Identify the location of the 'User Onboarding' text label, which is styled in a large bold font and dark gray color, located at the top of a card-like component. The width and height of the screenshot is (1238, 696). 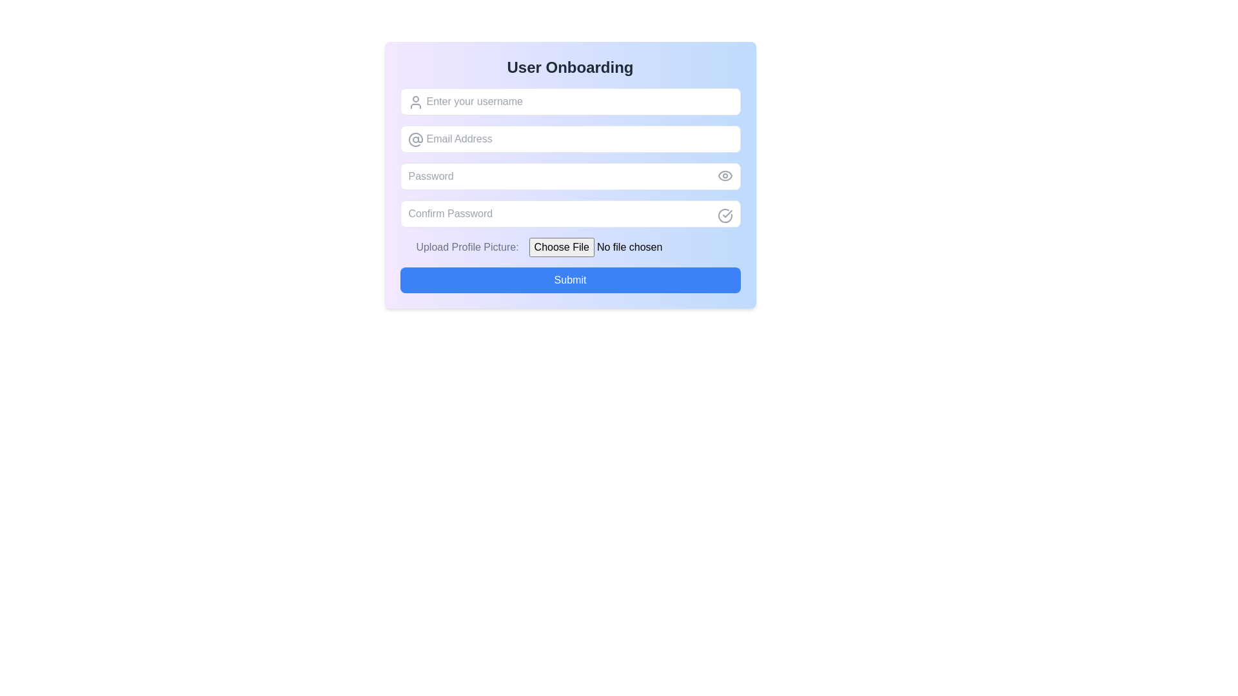
(569, 67).